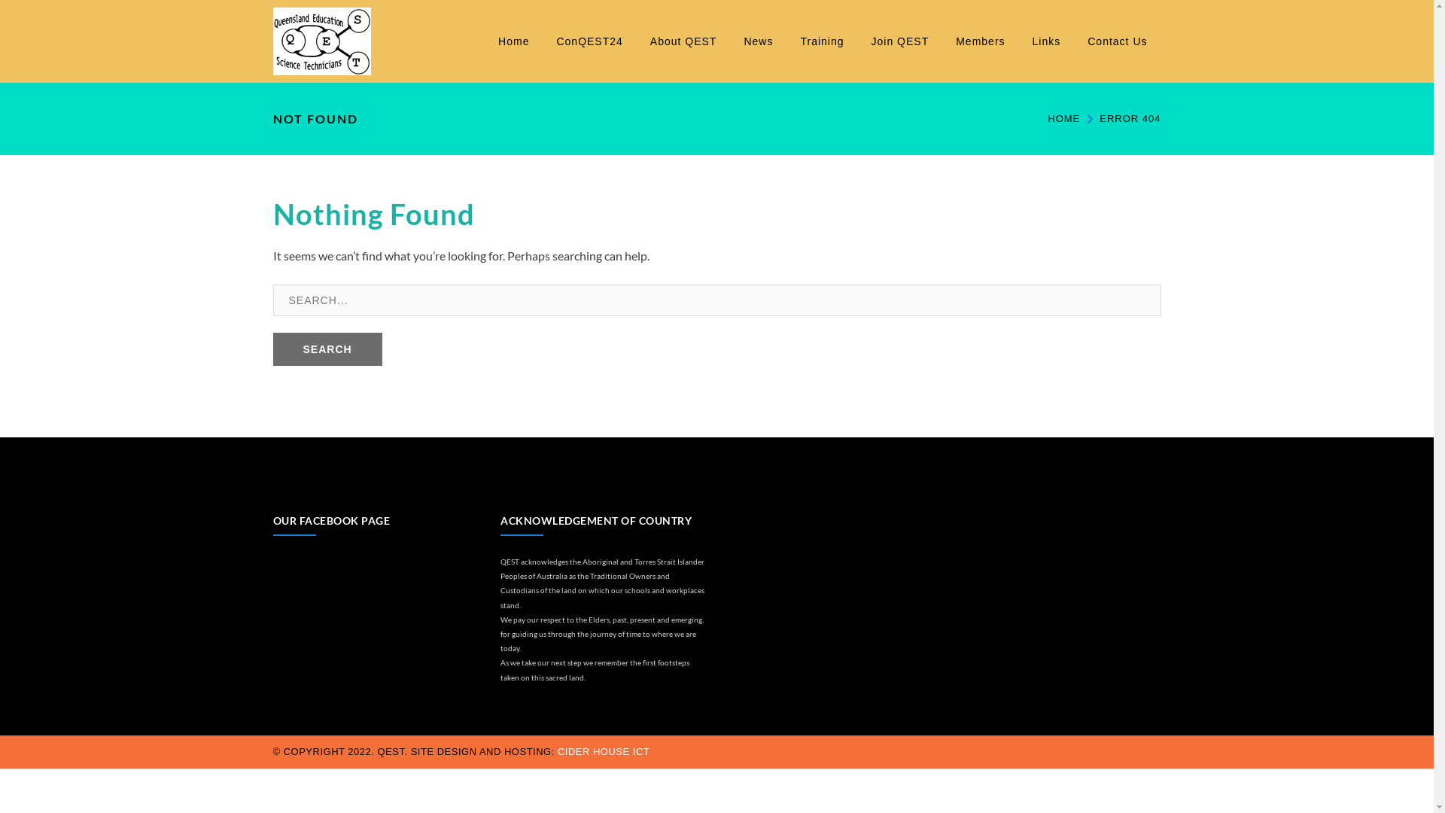 This screenshot has height=813, width=1445. Describe the element at coordinates (758, 40) in the screenshot. I see `'News'` at that location.